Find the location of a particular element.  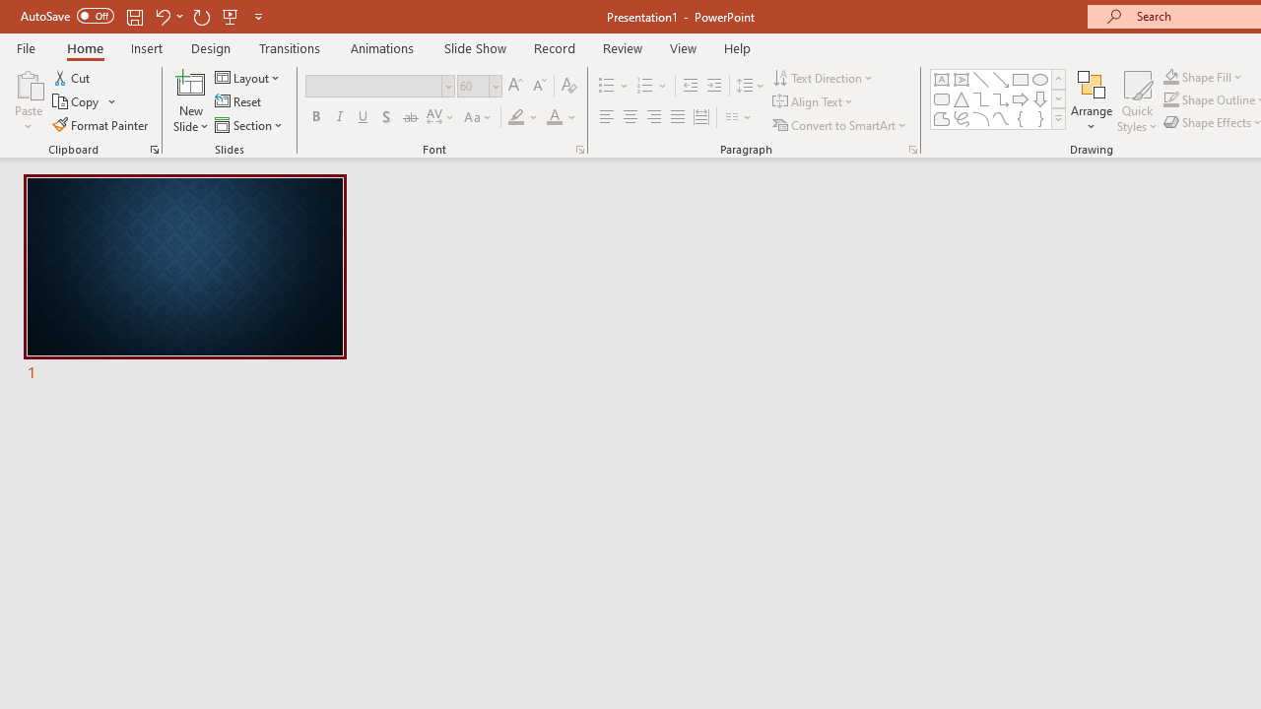

'Vertical Text Box' is located at coordinates (962, 79).